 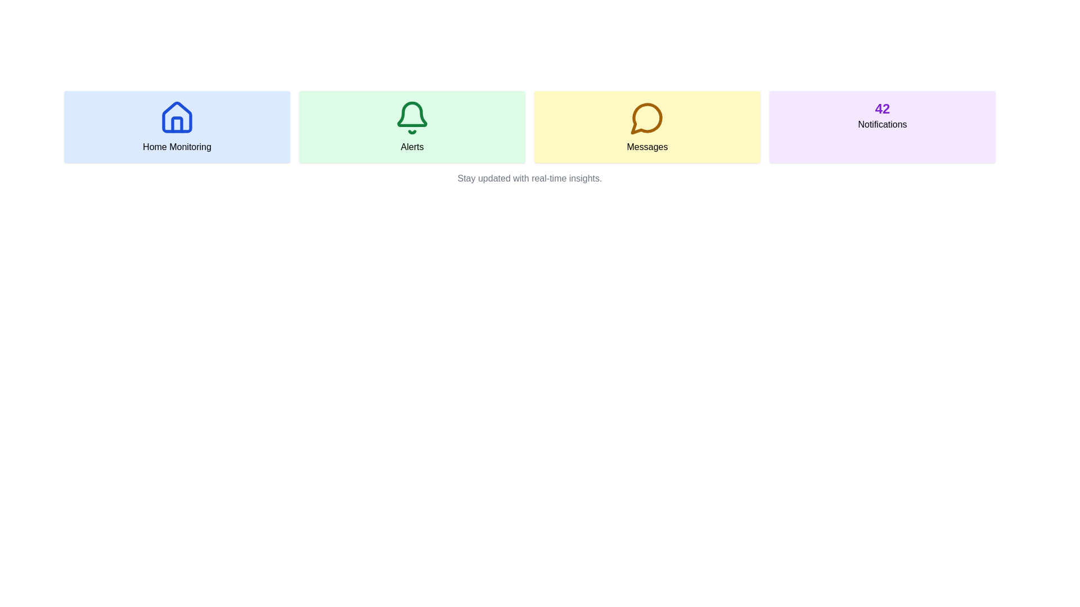 What do you see at coordinates (177, 117) in the screenshot?
I see `the house icon` at bounding box center [177, 117].